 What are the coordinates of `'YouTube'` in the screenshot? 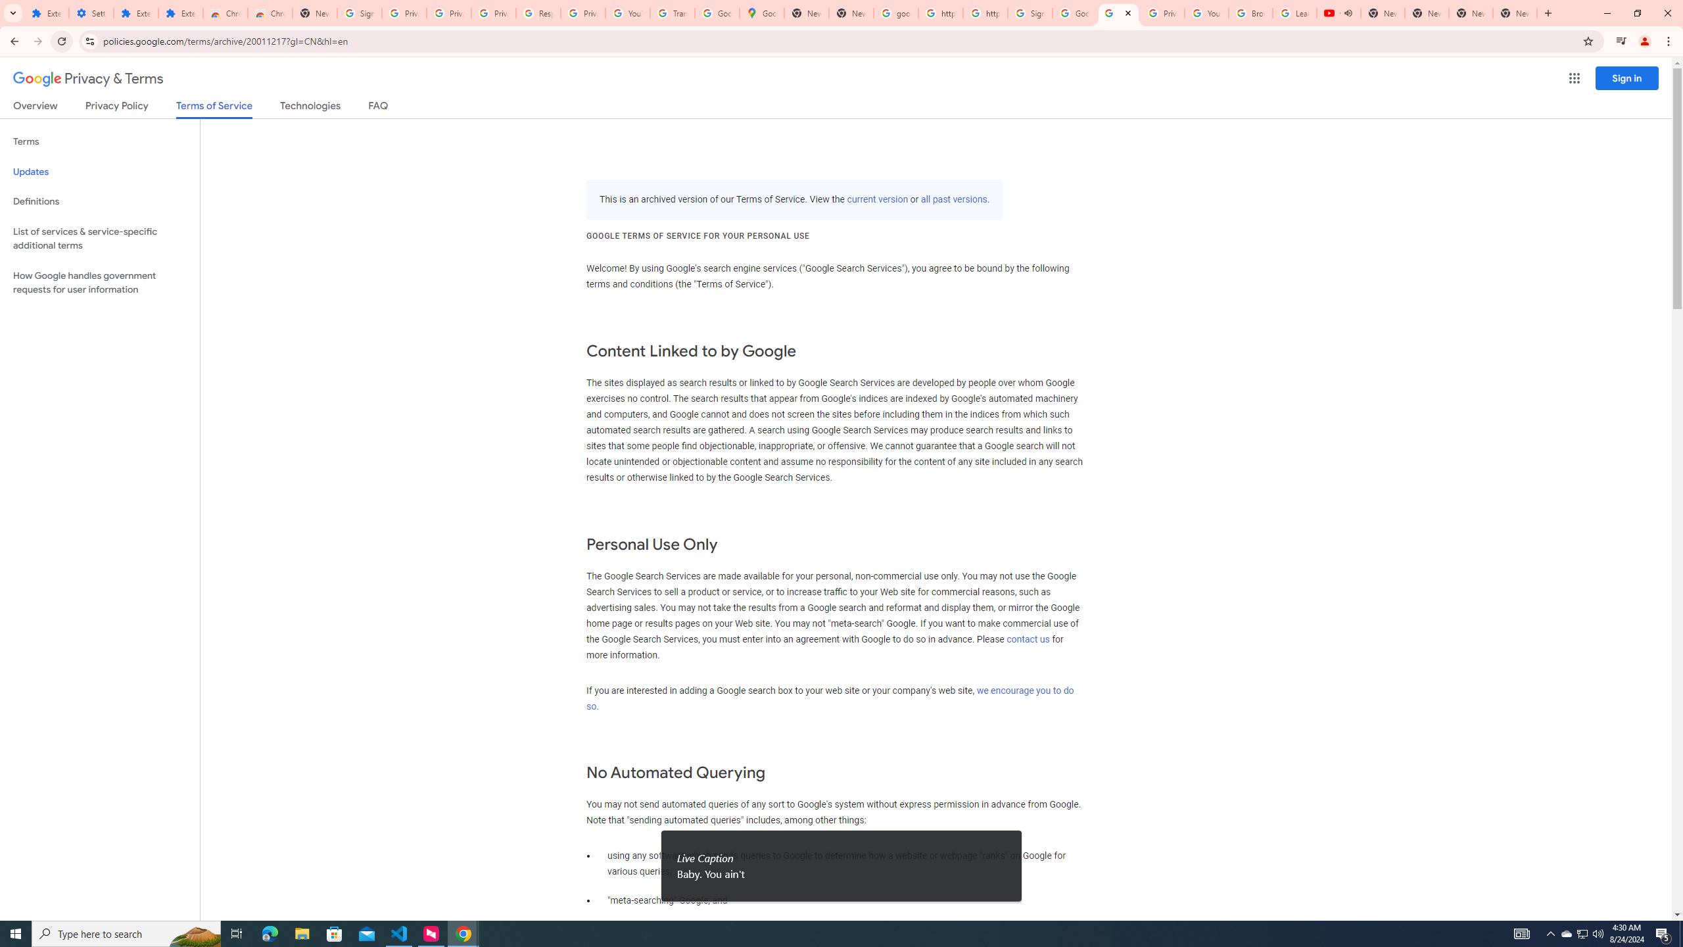 It's located at (1206, 12).